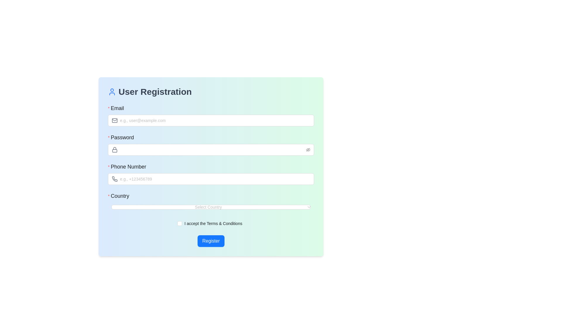  I want to click on the text label indicating the purpose of the password input field located in the middle section of the registration form, directly above the password input box, so click(123, 138).